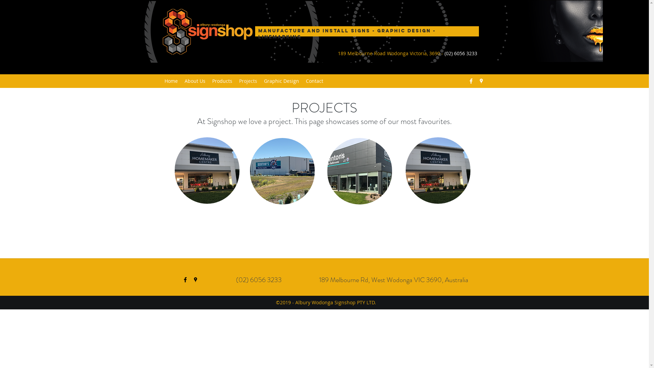 The width and height of the screenshot is (654, 368). Describe the element at coordinates (248, 81) in the screenshot. I see `'Projects'` at that location.